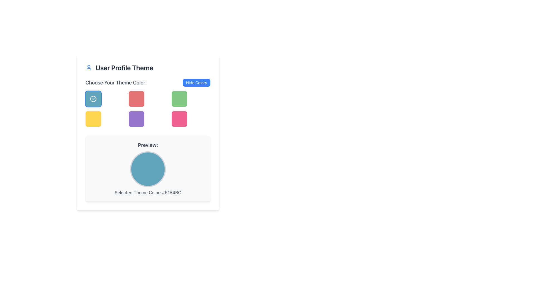 This screenshot has width=535, height=301. I want to click on the color selector button for the purple color, which is the second box in the third row of a grid layout, so click(136, 119).